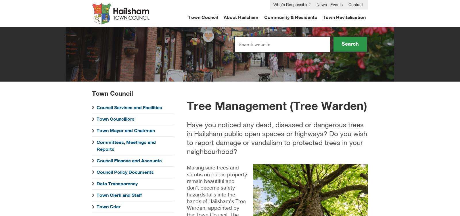  What do you see at coordinates (277, 105) in the screenshot?
I see `'Tree Management (Tree Warden)'` at bounding box center [277, 105].